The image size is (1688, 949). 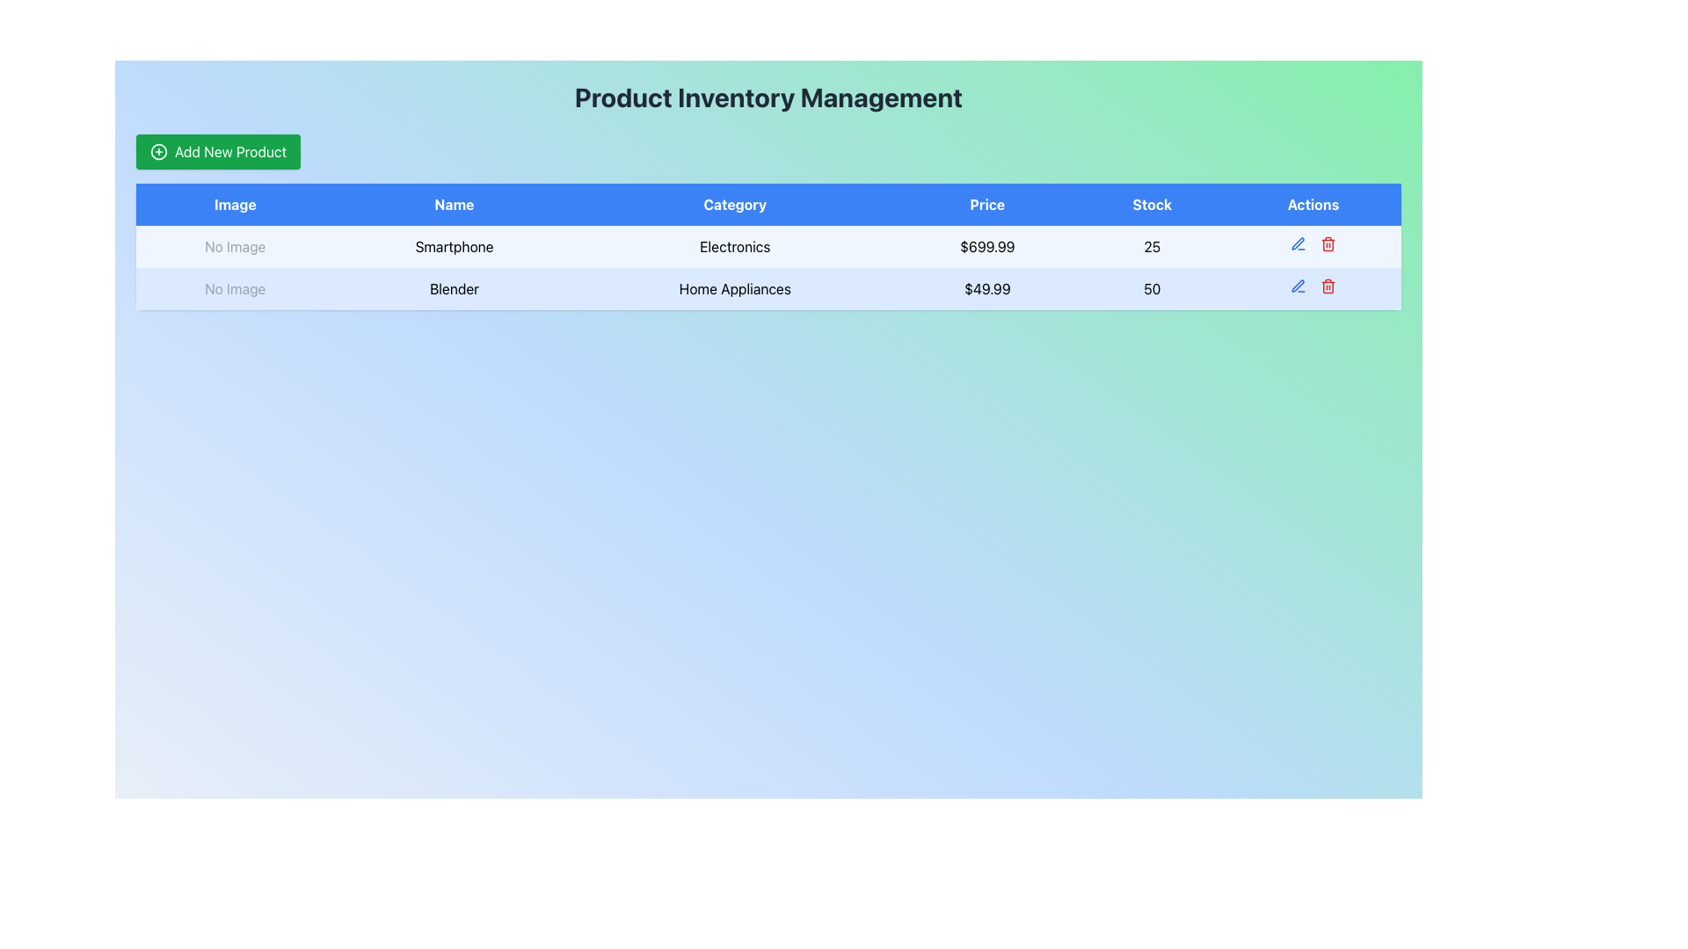 I want to click on the text label saying 'No Image' in light grey color, which is located in the first cell of the 'Image' column under the blue header row, aligned with the 'Smartphone' product row, so click(x=234, y=247).